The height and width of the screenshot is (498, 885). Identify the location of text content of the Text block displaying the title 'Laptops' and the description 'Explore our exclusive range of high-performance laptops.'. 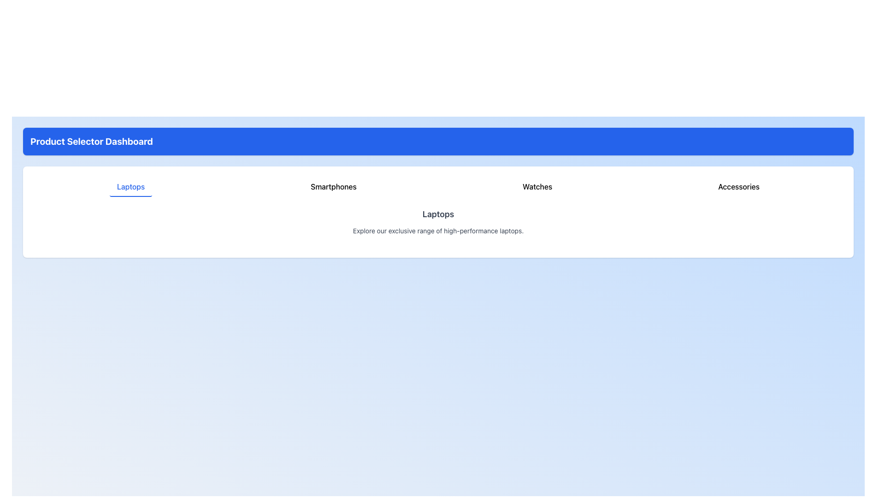
(437, 222).